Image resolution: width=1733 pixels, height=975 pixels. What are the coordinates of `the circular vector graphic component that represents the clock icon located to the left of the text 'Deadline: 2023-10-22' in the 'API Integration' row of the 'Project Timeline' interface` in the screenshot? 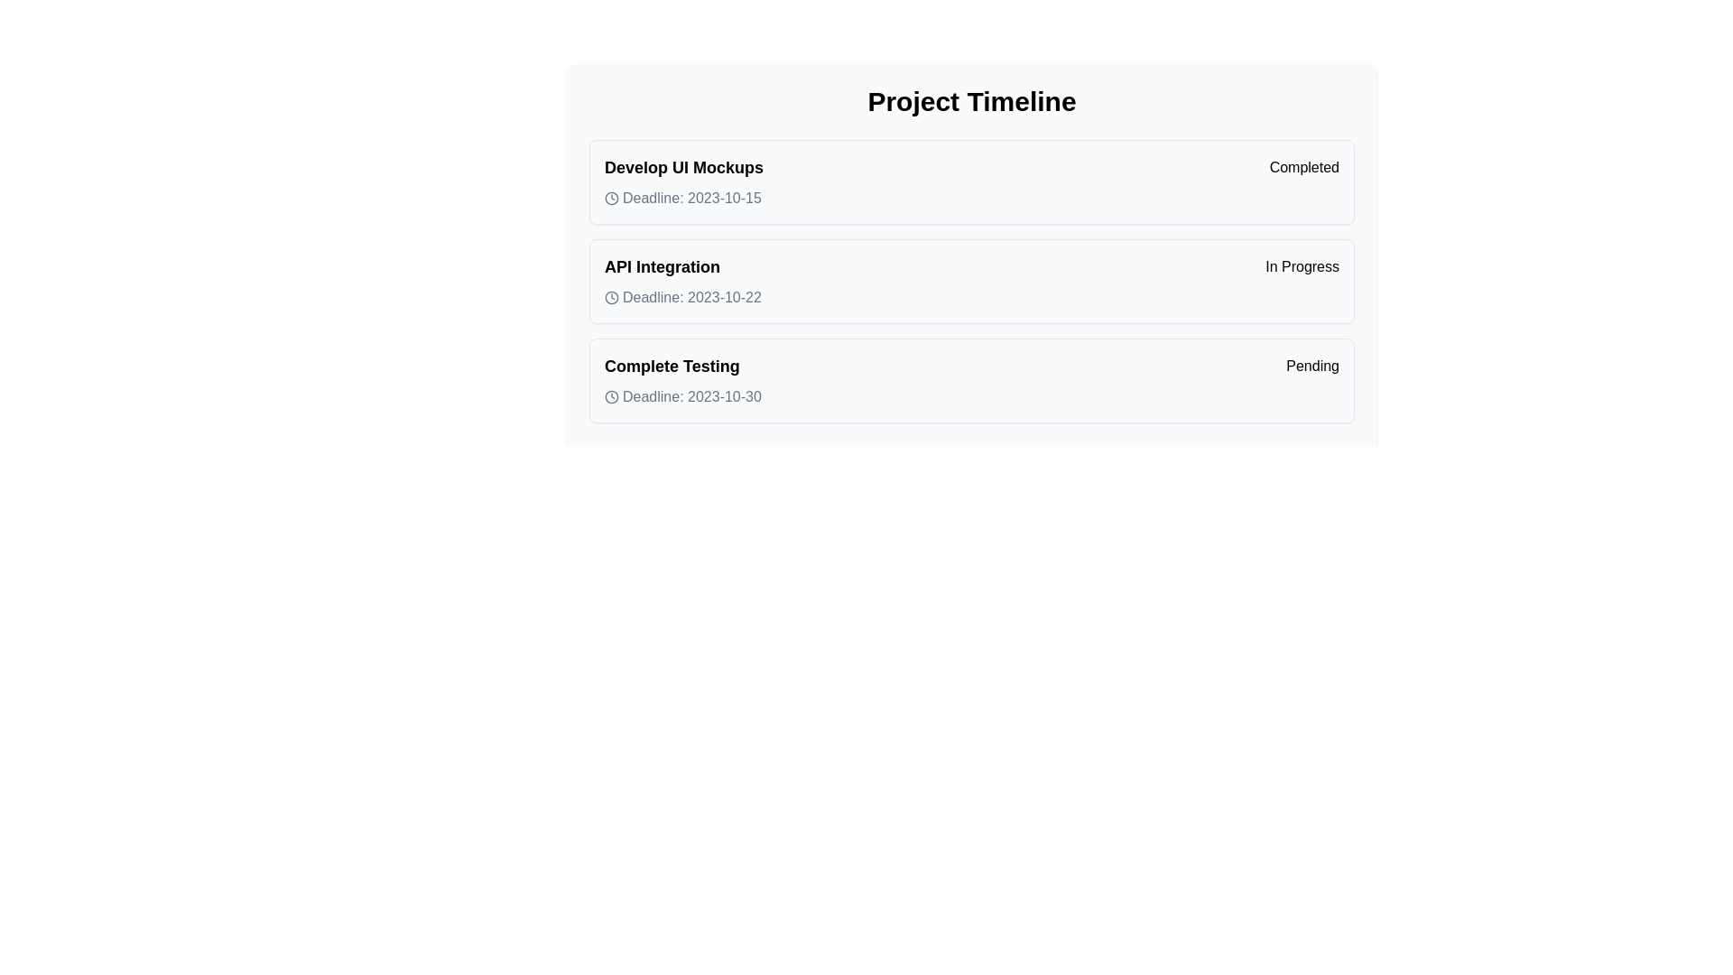 It's located at (611, 297).